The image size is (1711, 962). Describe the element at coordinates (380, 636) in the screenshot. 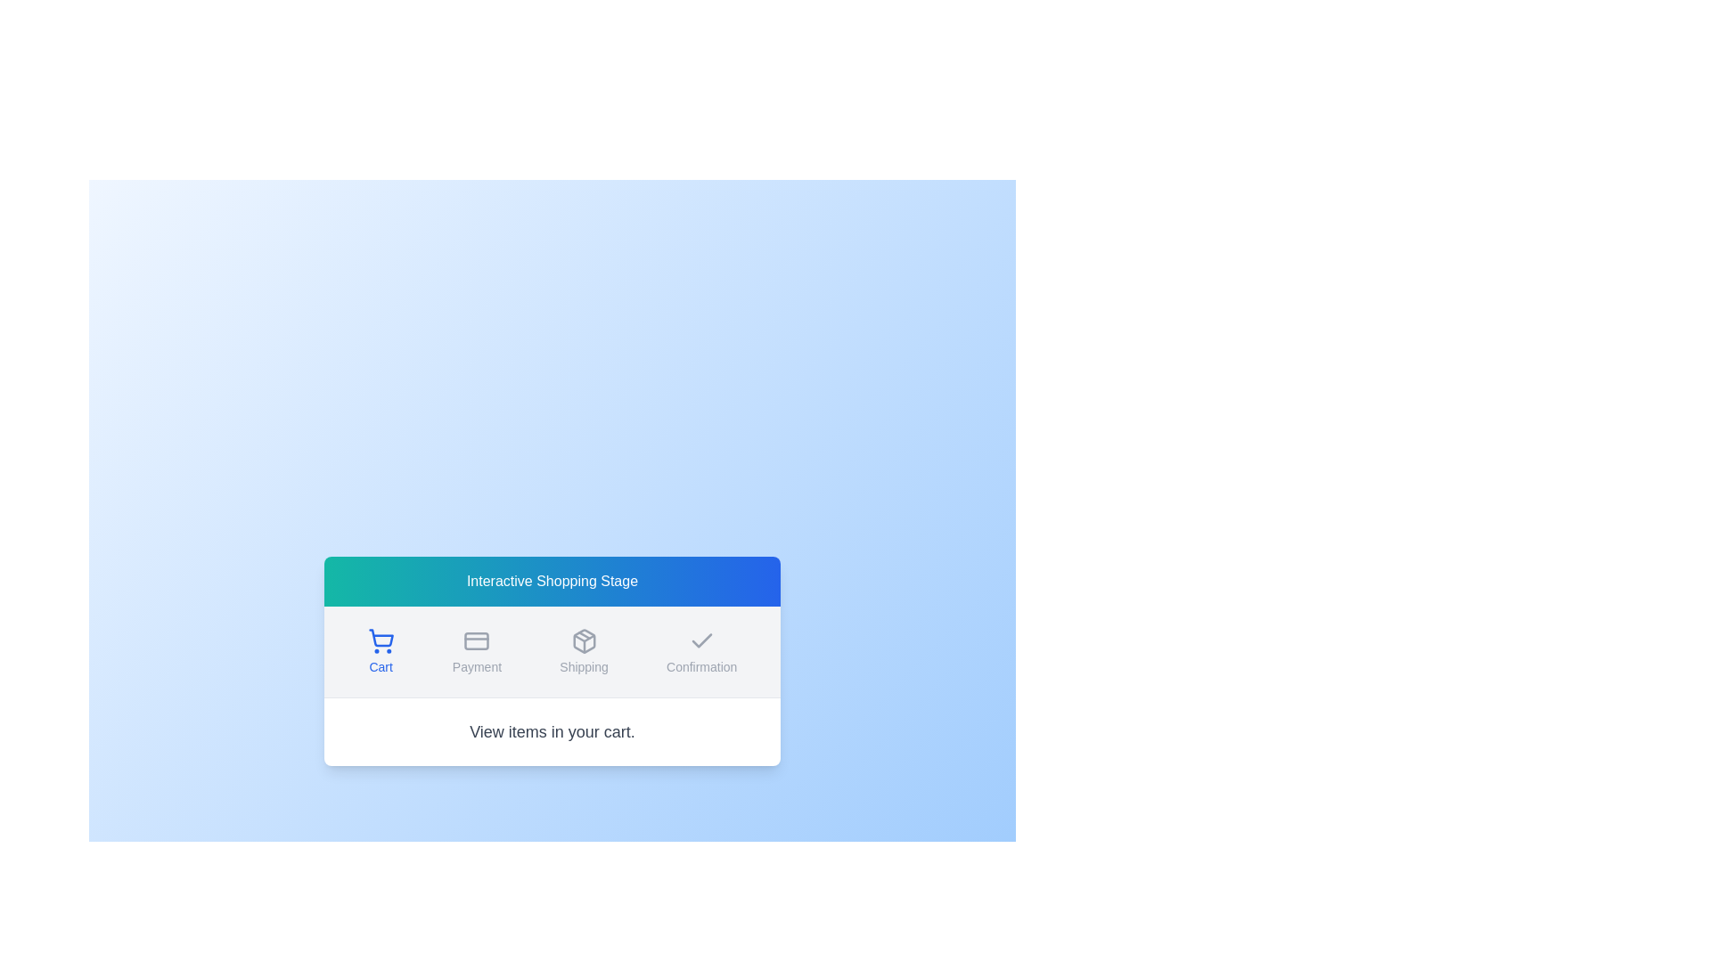

I see `the shopping cart icon, which is a minimalistic blue outline located at the top-left corner of the navigation card representing the 'Cart' section` at that location.